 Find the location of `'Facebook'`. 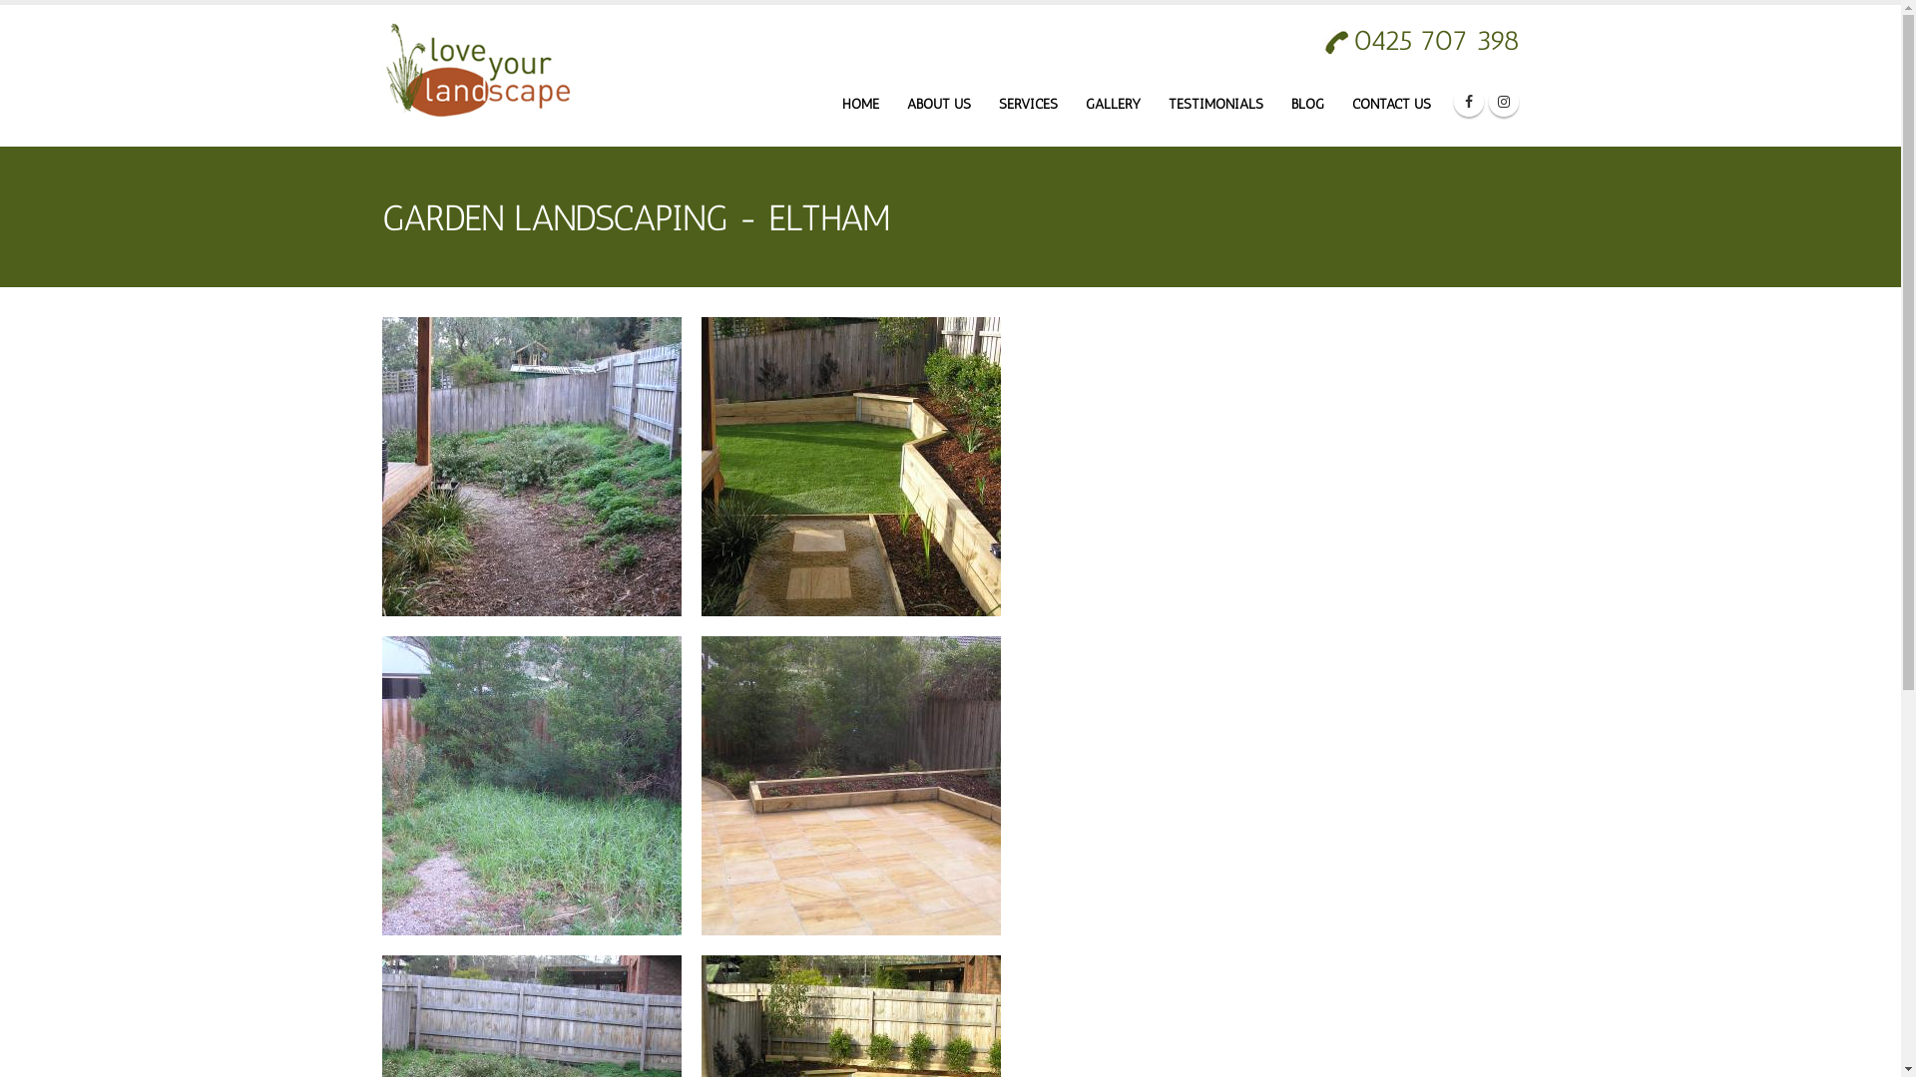

'Facebook' is located at coordinates (1467, 101).